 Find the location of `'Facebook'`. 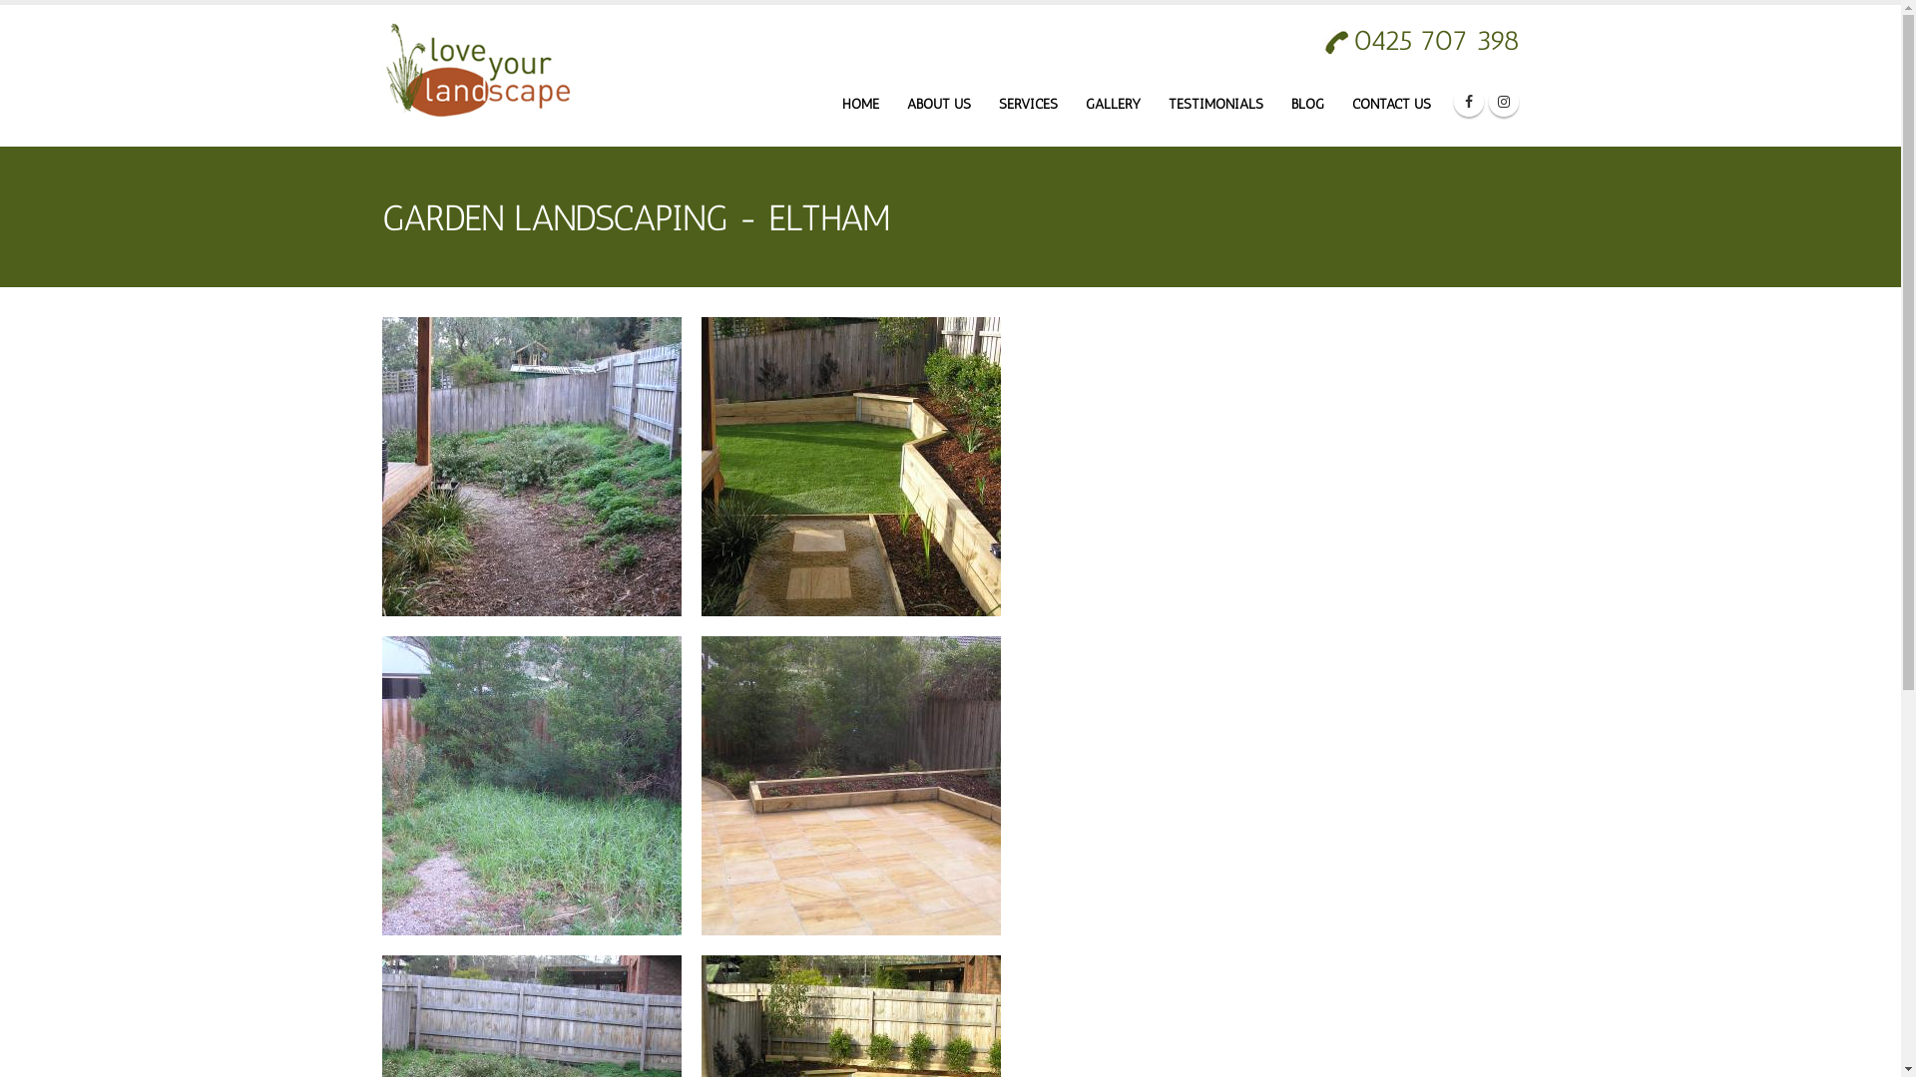

'Facebook' is located at coordinates (1467, 101).